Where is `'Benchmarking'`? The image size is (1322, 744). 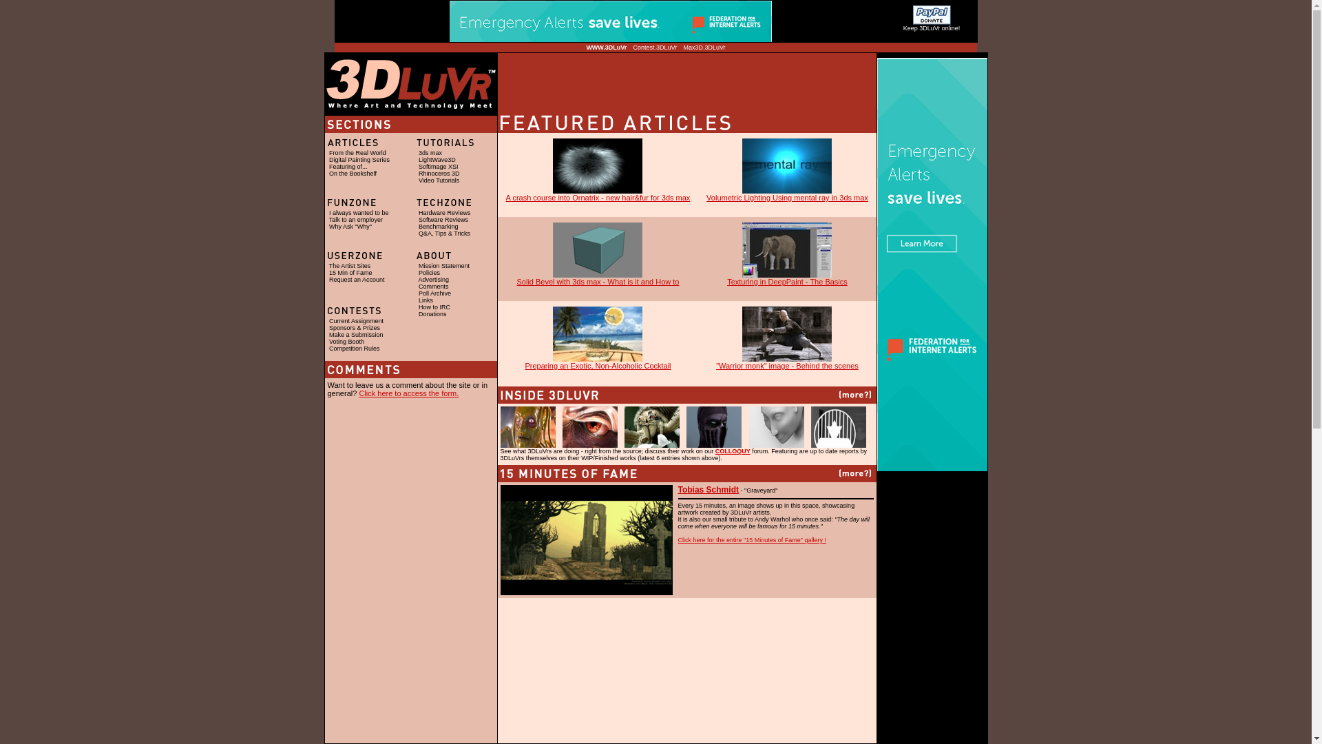 'Benchmarking' is located at coordinates (438, 225).